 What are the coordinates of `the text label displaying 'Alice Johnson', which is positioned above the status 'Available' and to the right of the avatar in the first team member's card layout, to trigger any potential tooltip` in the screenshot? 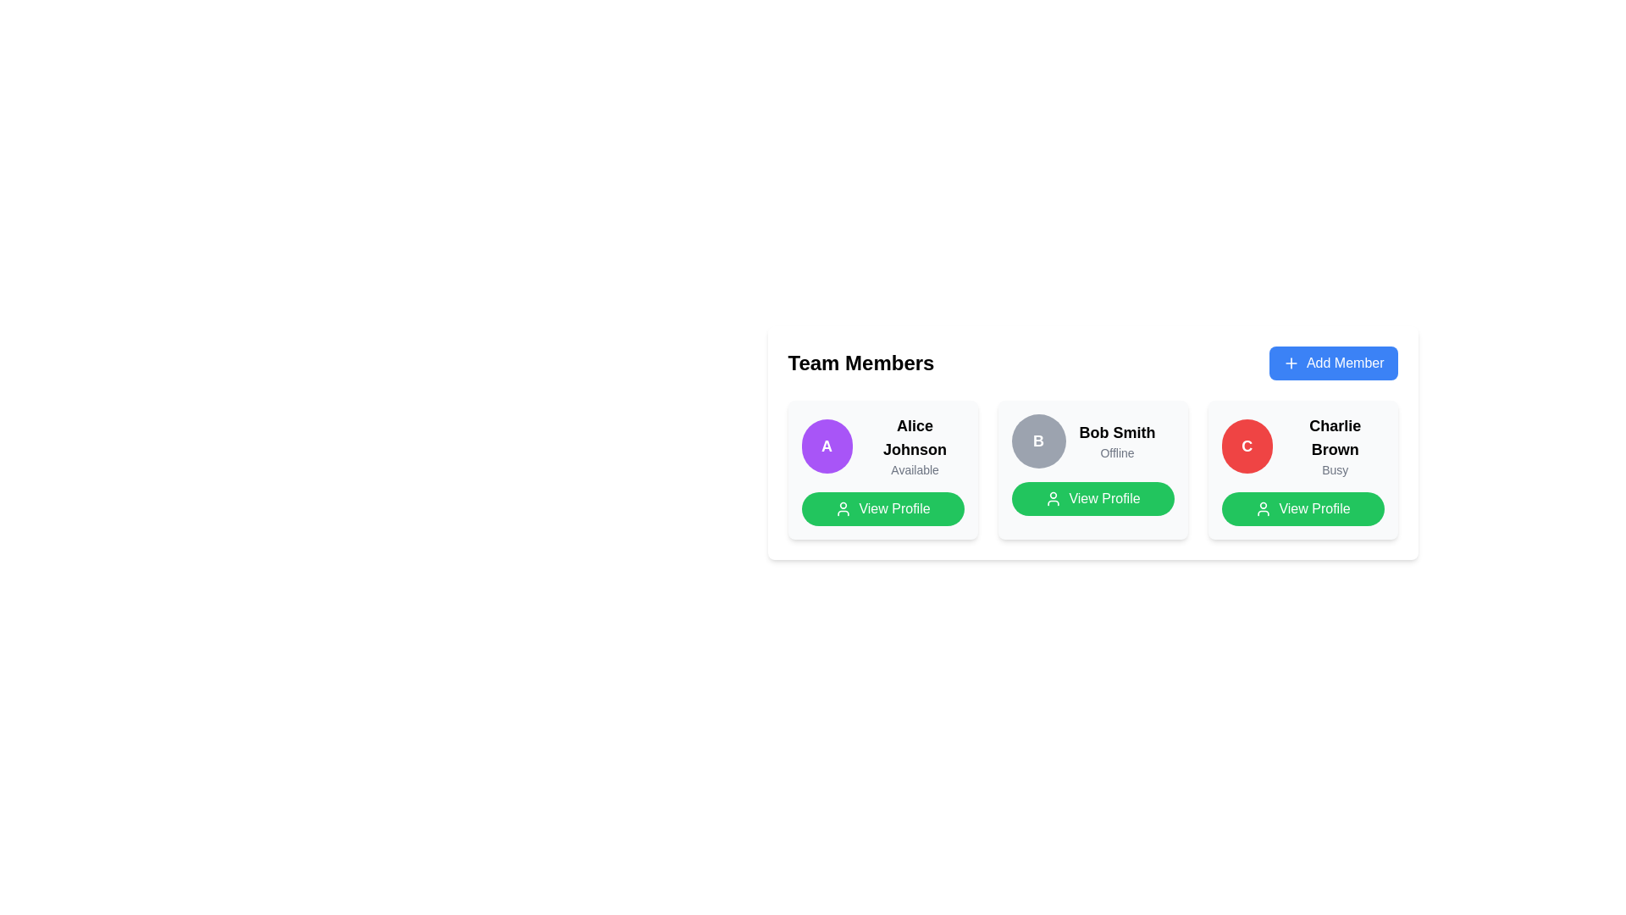 It's located at (914, 436).